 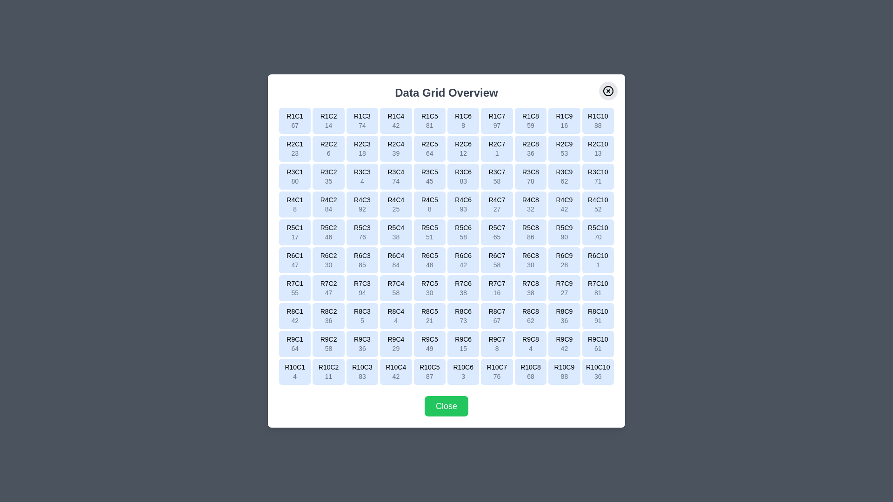 I want to click on the close button to close the dialog, so click(x=608, y=91).